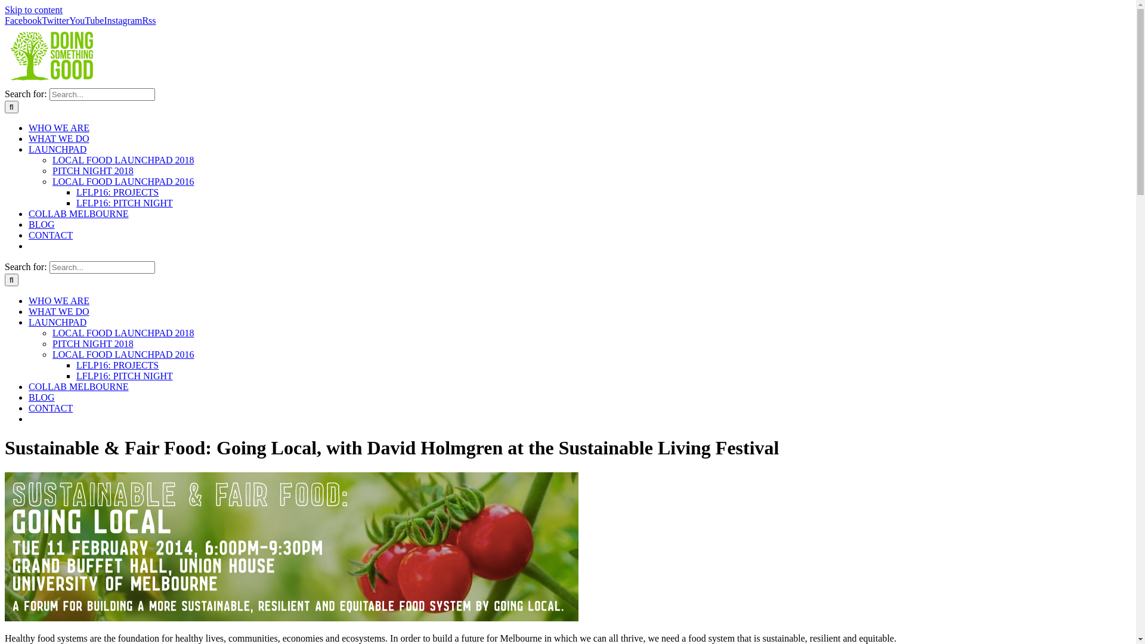  Describe the element at coordinates (29, 148) in the screenshot. I see `'LAUNCHPAD'` at that location.